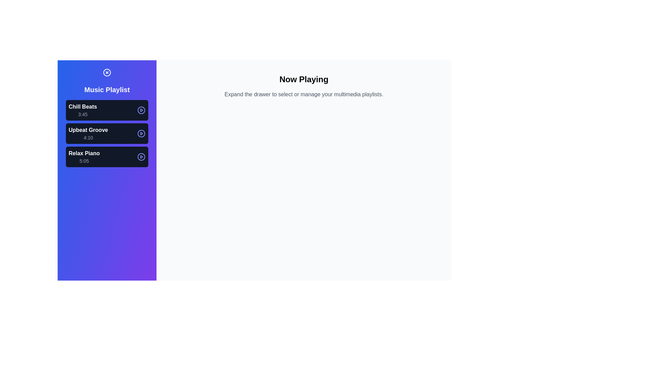 Image resolution: width=659 pixels, height=370 pixels. What do you see at coordinates (141, 133) in the screenshot?
I see `the play/pause button for the track Upbeat Groove` at bounding box center [141, 133].